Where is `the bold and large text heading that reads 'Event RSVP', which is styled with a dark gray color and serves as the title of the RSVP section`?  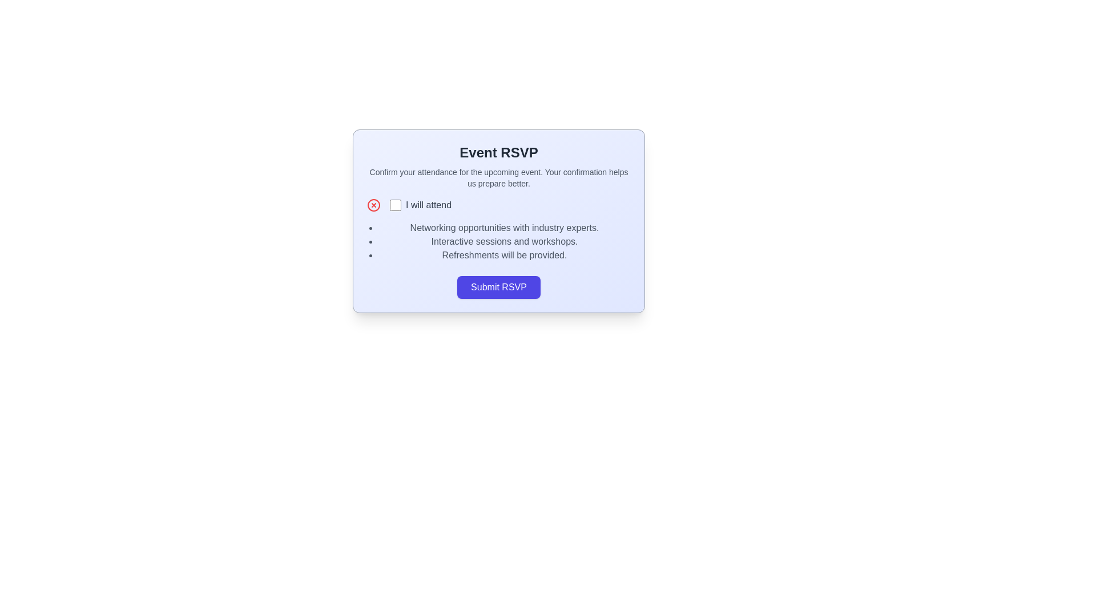
the bold and large text heading that reads 'Event RSVP', which is styled with a dark gray color and serves as the title of the RSVP section is located at coordinates (498, 152).